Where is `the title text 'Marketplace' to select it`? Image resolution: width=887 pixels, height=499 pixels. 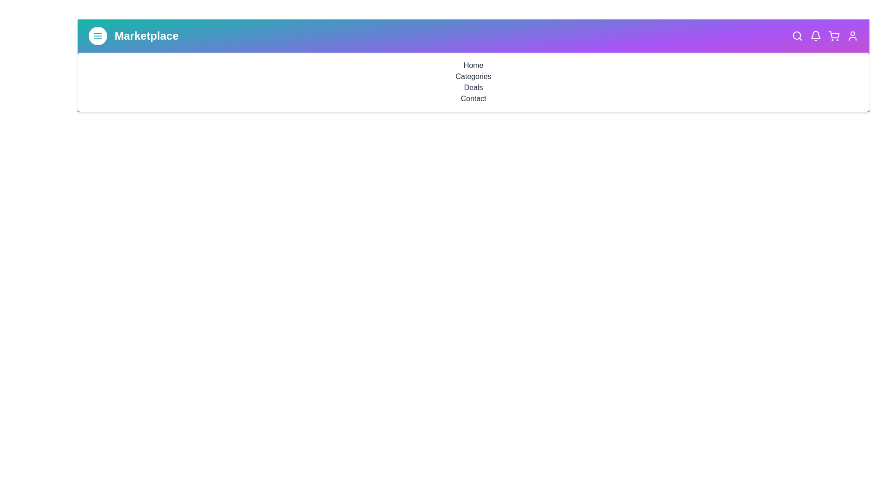
the title text 'Marketplace' to select it is located at coordinates (146, 35).